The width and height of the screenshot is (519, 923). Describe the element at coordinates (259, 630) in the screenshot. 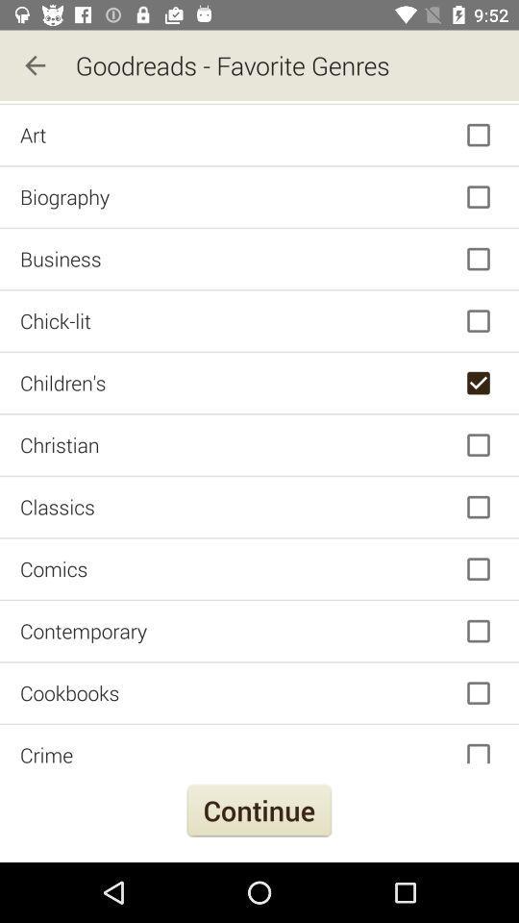

I see `the item above cookbooks item` at that location.